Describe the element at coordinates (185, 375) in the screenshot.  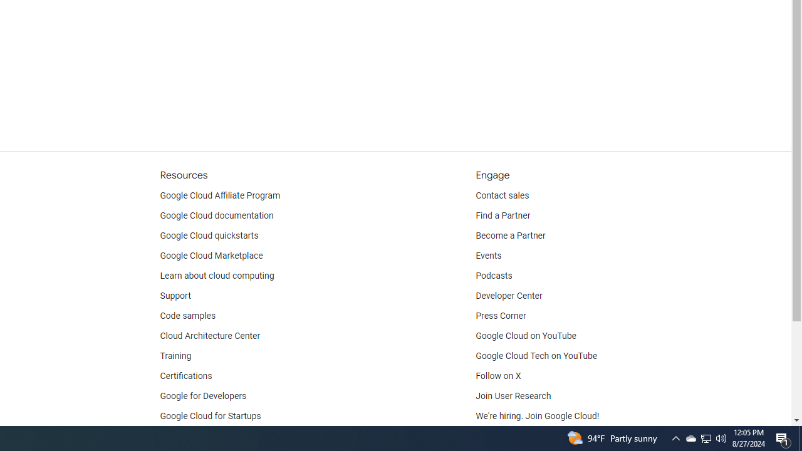
I see `'Certifications'` at that location.